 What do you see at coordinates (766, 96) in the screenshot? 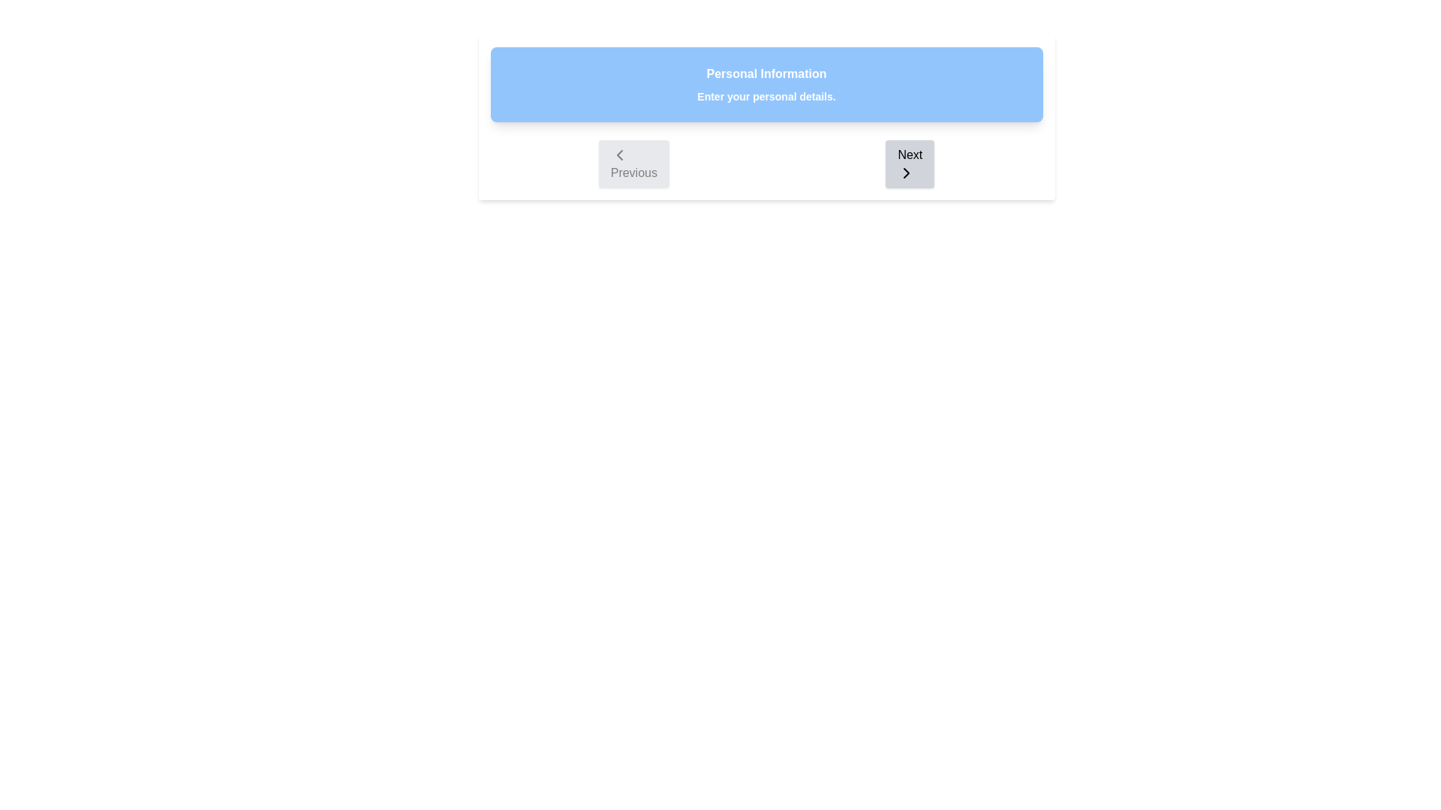
I see `the instruction text label for entering personal details, which is located below the header 'Personal Information' inside a blue background box` at bounding box center [766, 96].